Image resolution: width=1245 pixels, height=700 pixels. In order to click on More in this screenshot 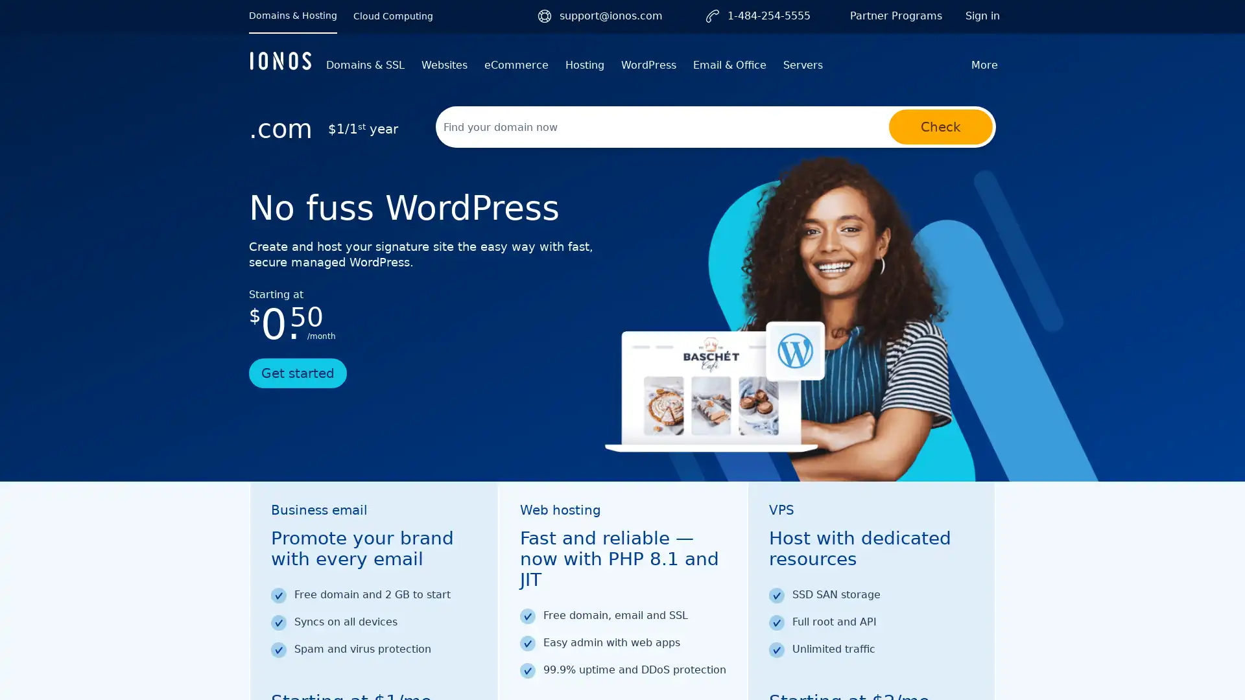, I will do `click(984, 65)`.